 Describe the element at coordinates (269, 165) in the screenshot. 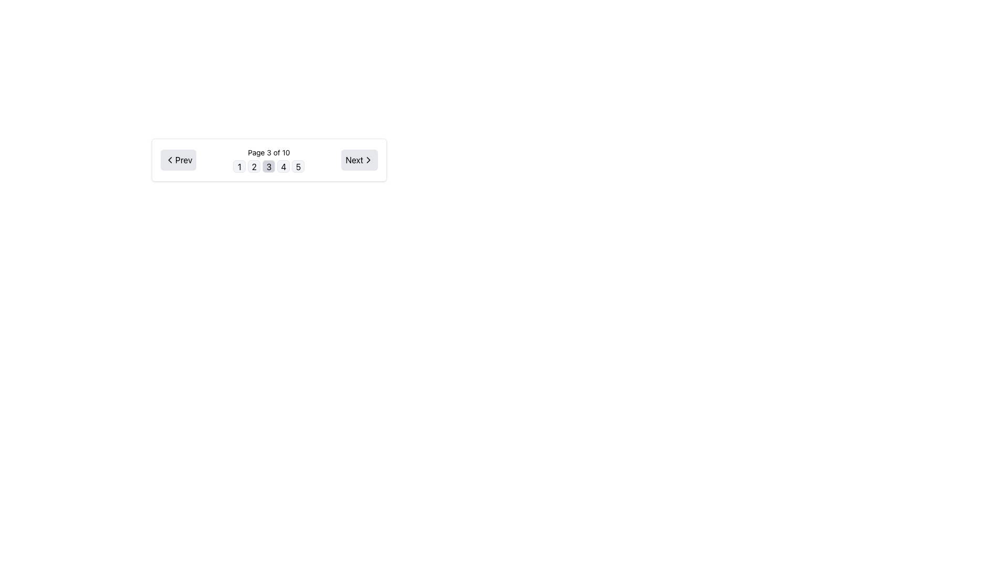

I see `the pagination indicator for page number 3, which is currently non-interactive and part of a sequence of five boxes` at that location.